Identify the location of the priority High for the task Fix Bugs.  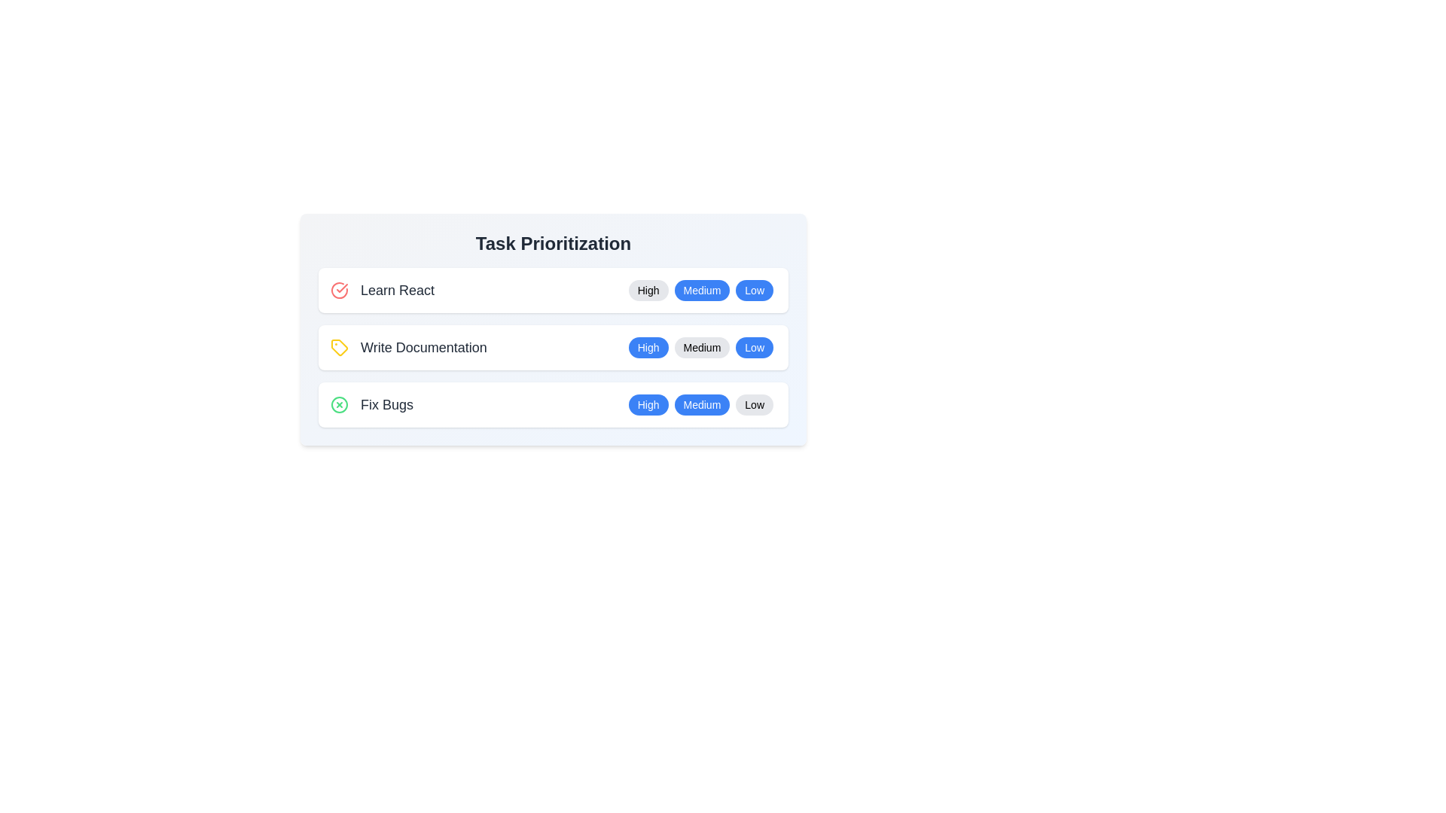
(648, 403).